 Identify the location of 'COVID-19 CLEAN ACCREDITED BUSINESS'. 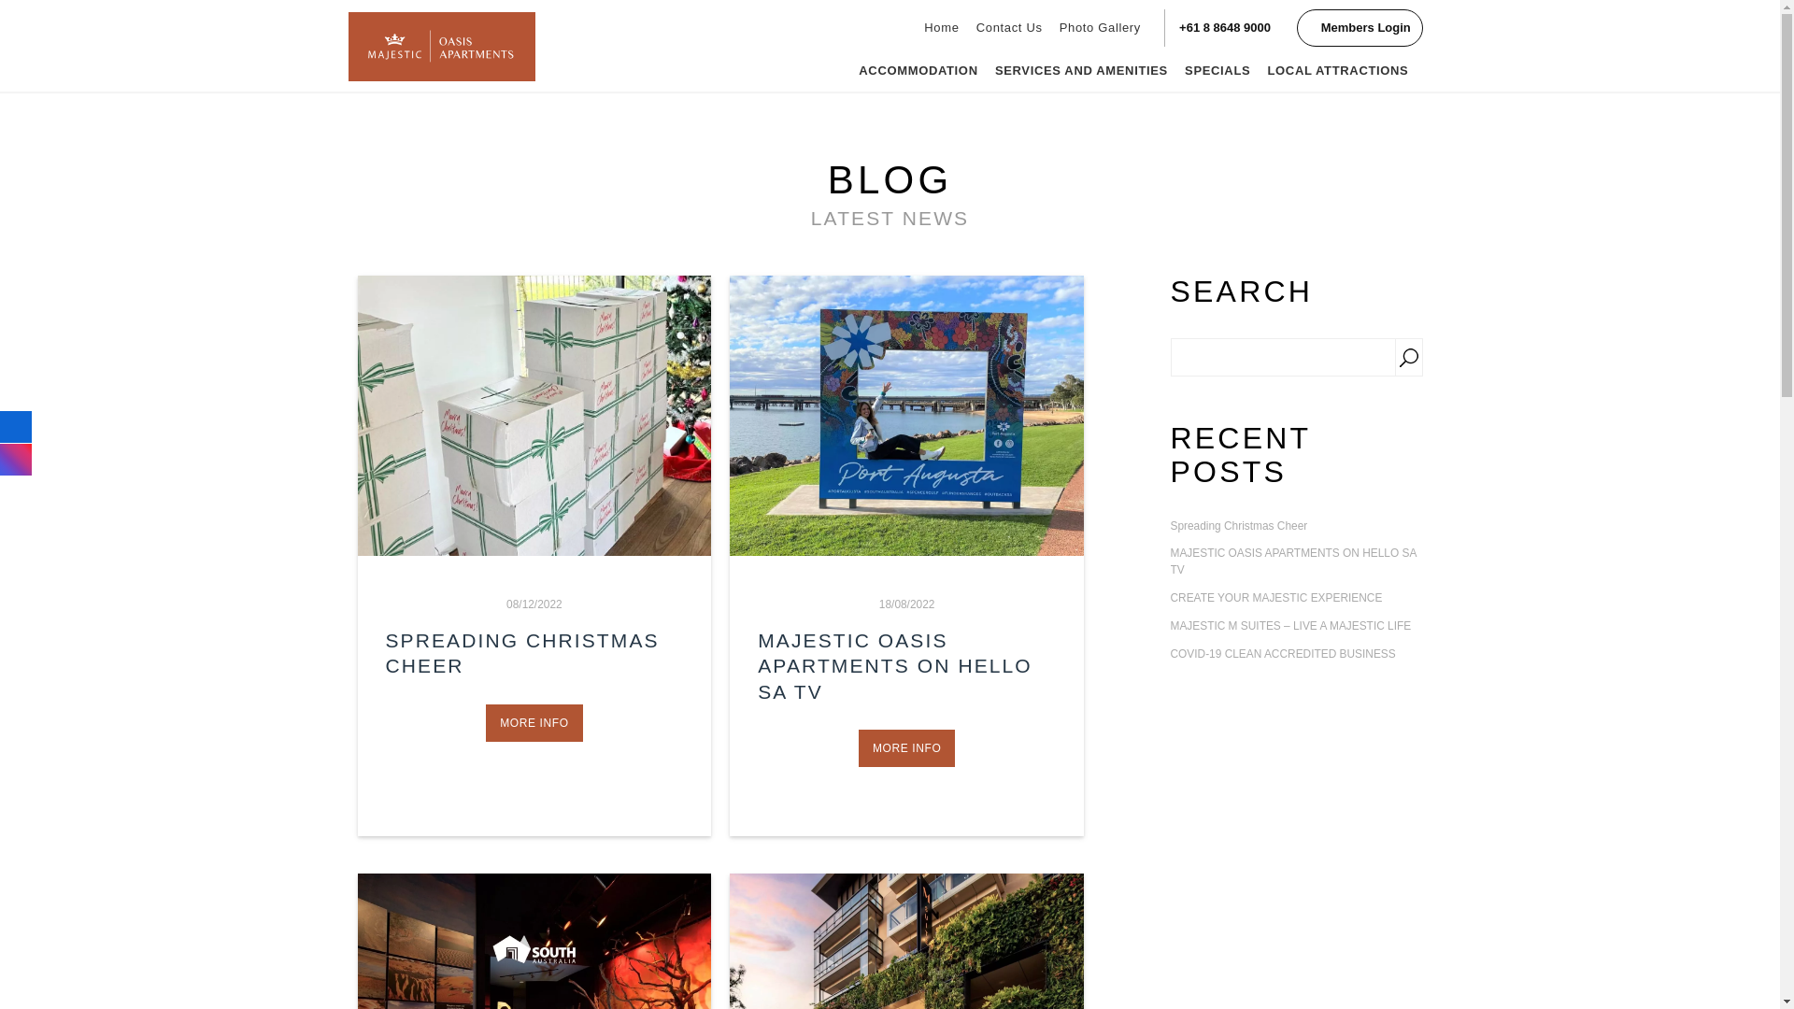
(1169, 654).